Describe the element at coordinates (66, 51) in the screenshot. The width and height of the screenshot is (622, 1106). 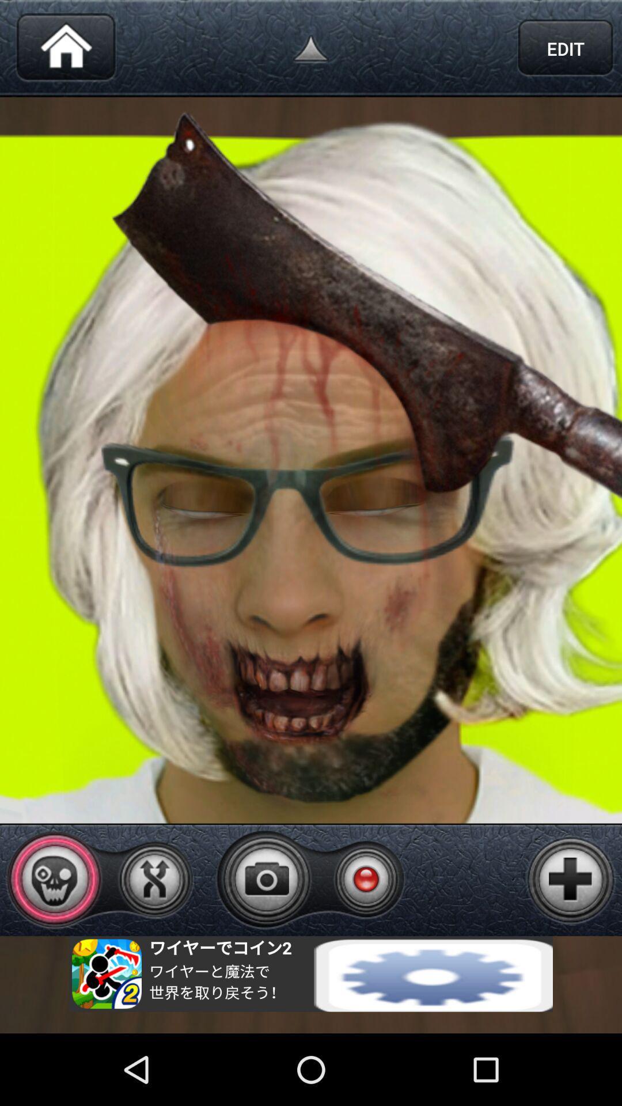
I see `the home icon` at that location.